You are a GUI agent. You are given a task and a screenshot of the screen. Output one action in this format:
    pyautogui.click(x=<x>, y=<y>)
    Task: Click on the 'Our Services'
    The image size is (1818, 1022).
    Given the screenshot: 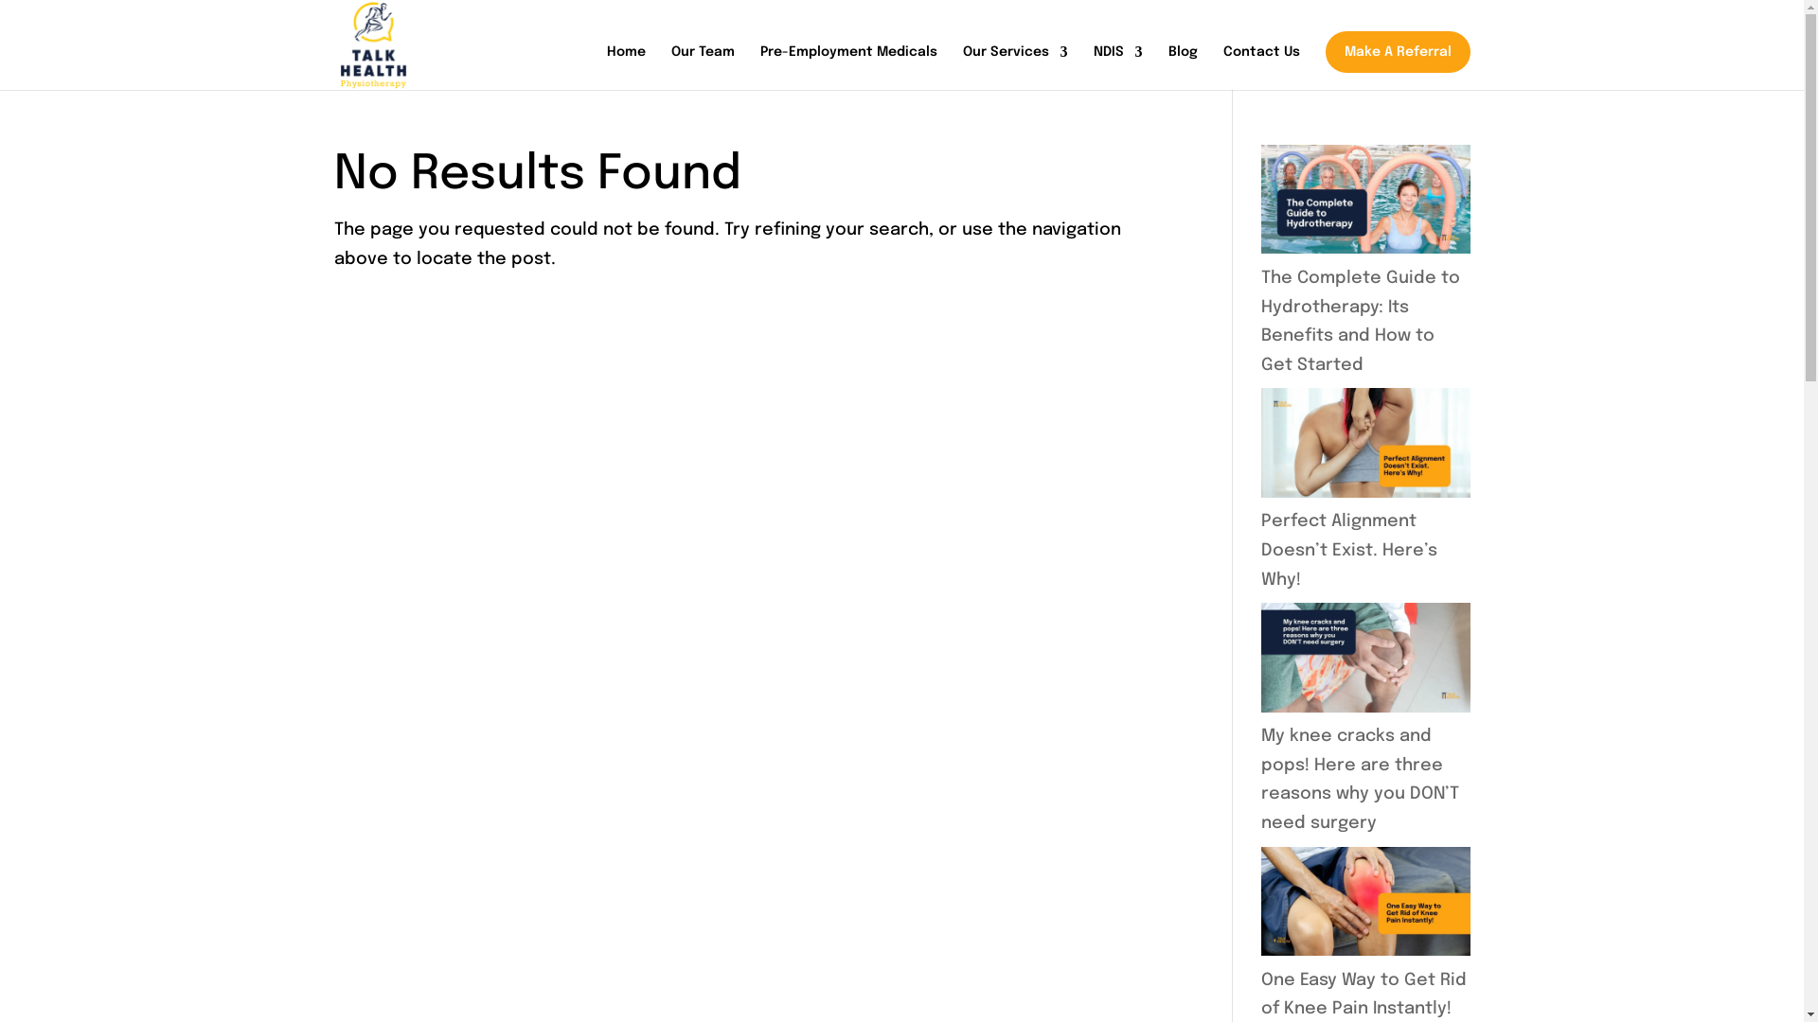 What is the action you would take?
    pyautogui.click(x=1013, y=66)
    